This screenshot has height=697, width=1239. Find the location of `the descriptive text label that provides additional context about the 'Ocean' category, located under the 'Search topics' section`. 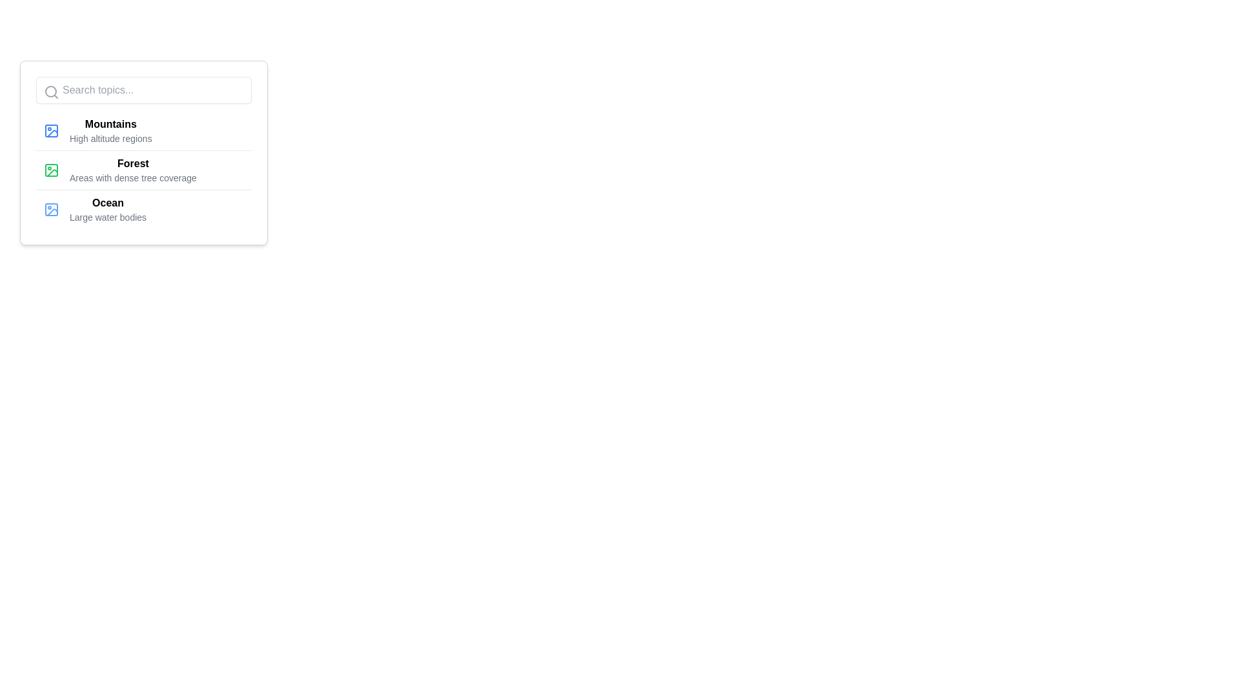

the descriptive text label that provides additional context about the 'Ocean' category, located under the 'Search topics' section is located at coordinates (108, 216).